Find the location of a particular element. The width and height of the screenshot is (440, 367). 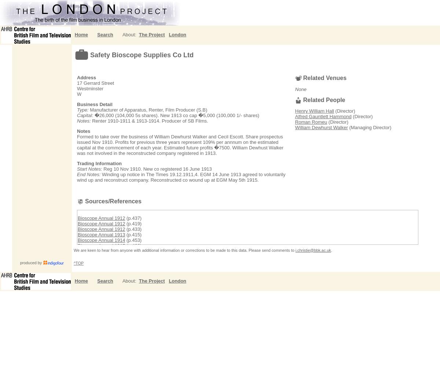

'Reg 10 Nov 1910. New co registered 16 June 1913' is located at coordinates (157, 168).